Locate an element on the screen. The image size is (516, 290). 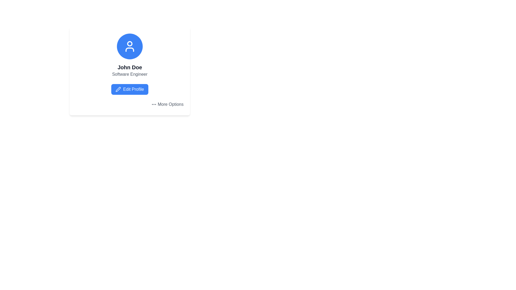
the profile icon located centrally within a circular blue background at the top of the profile card layout, above the text 'John Doe' and 'Software Engineer' is located at coordinates (130, 46).